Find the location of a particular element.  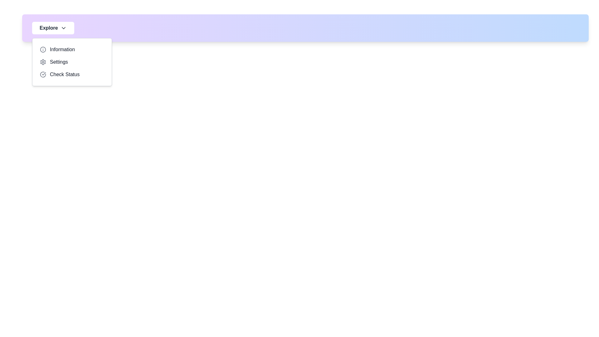

the icon of Check Status to trigger its feedback is located at coordinates (43, 74).